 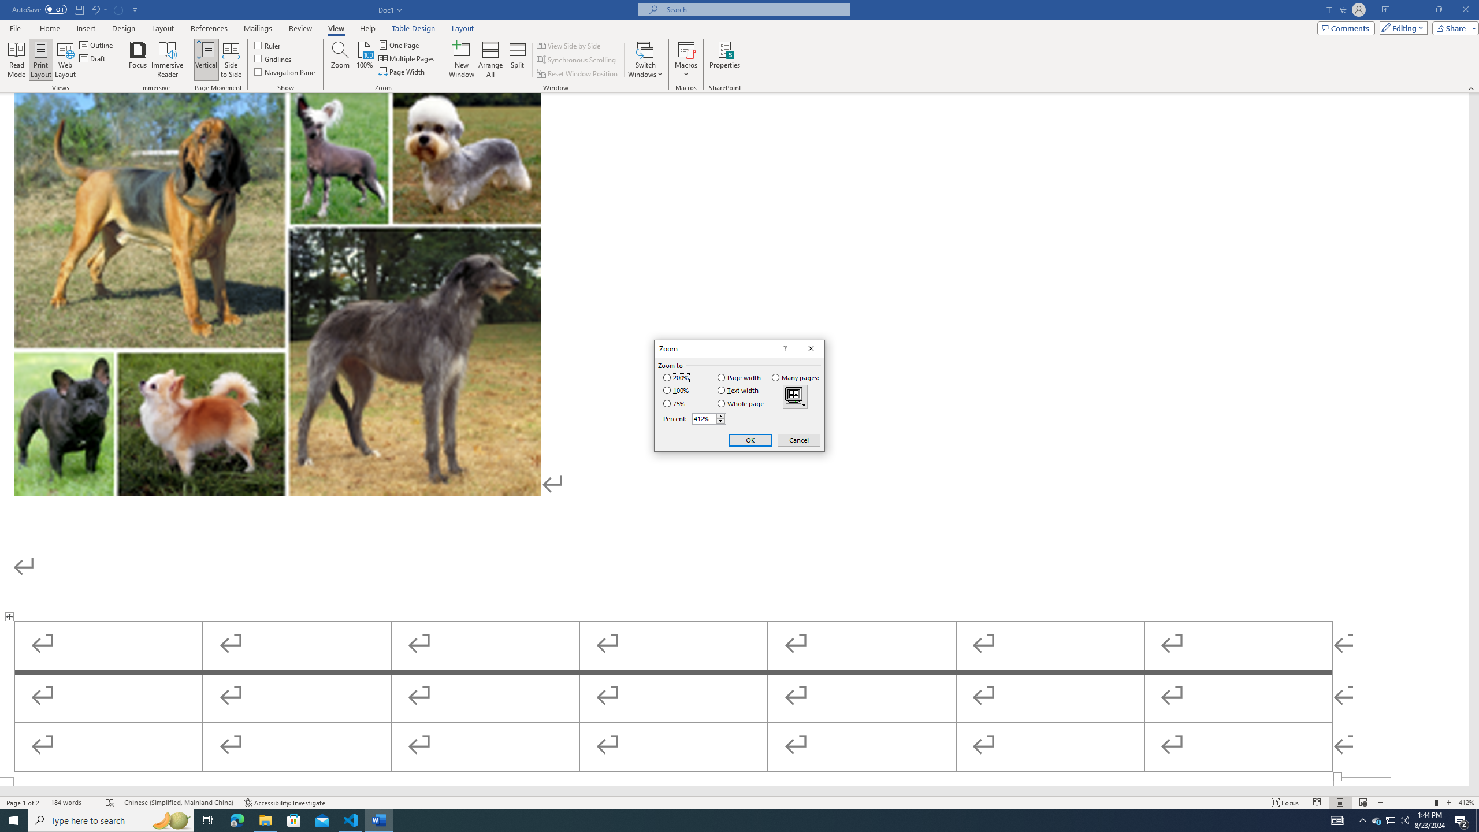 I want to click on 'Split', so click(x=518, y=60).